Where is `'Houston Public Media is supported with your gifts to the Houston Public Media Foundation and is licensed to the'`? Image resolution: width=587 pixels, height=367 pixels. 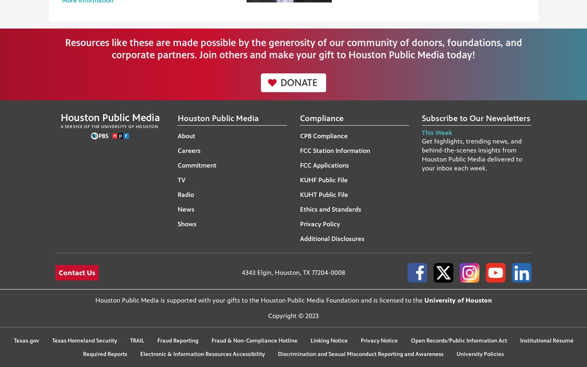 'Houston Public Media is supported with your gifts to the Houston Public Media Foundation and is licensed to the' is located at coordinates (95, 300).